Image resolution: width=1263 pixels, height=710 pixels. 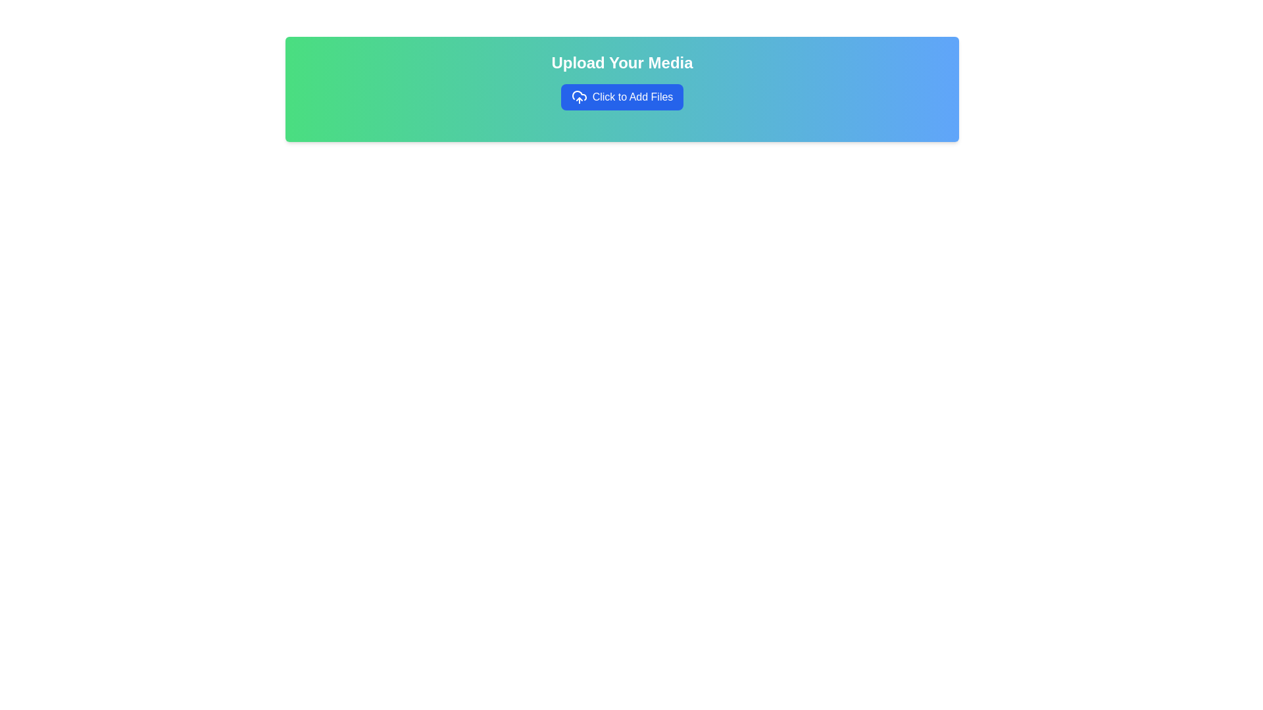 What do you see at coordinates (621, 96) in the screenshot?
I see `the blue button labeled 'Click` at bounding box center [621, 96].